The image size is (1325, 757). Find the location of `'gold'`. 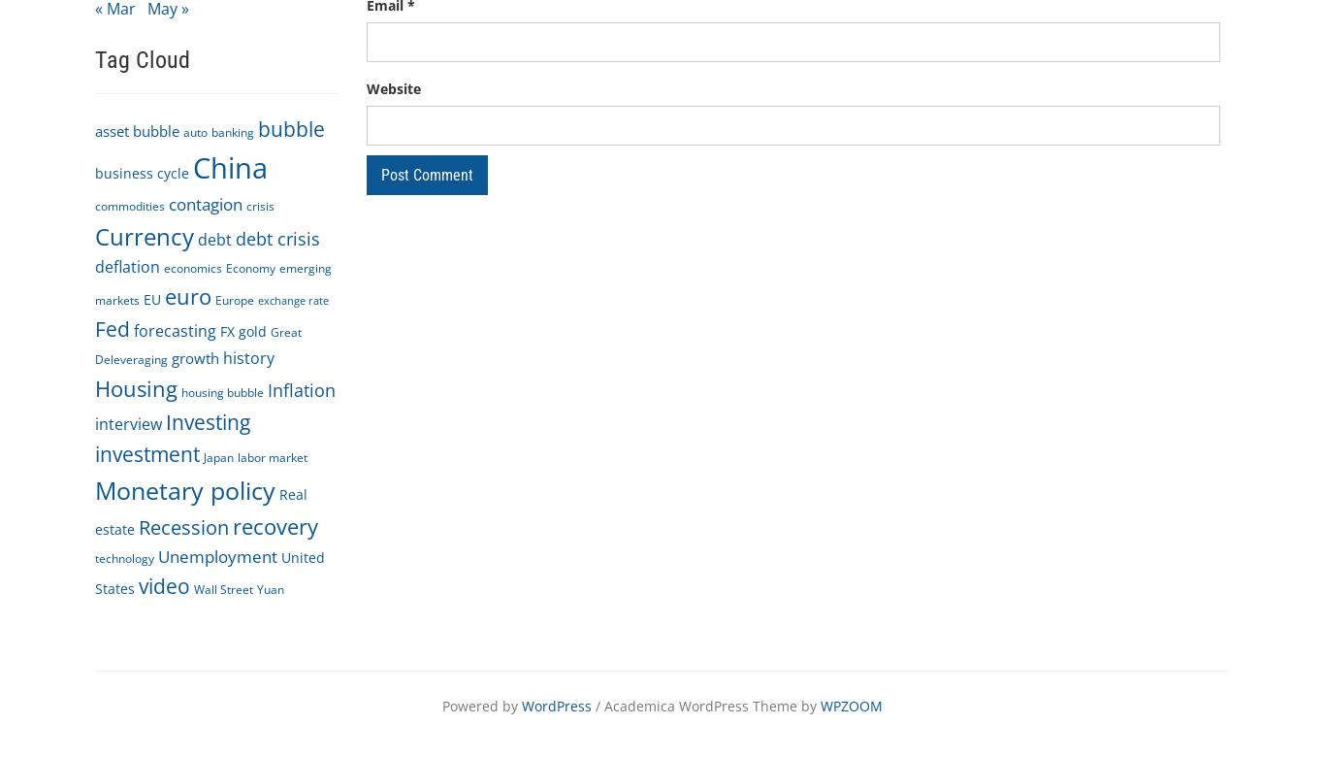

'gold' is located at coordinates (252, 330).